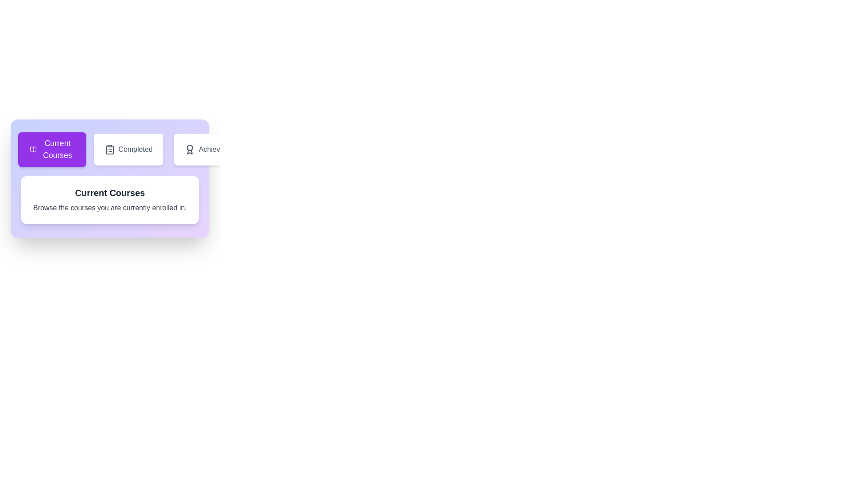 This screenshot has height=478, width=850. Describe the element at coordinates (51, 149) in the screenshot. I see `the tab labeled Current Courses to preview its content` at that location.